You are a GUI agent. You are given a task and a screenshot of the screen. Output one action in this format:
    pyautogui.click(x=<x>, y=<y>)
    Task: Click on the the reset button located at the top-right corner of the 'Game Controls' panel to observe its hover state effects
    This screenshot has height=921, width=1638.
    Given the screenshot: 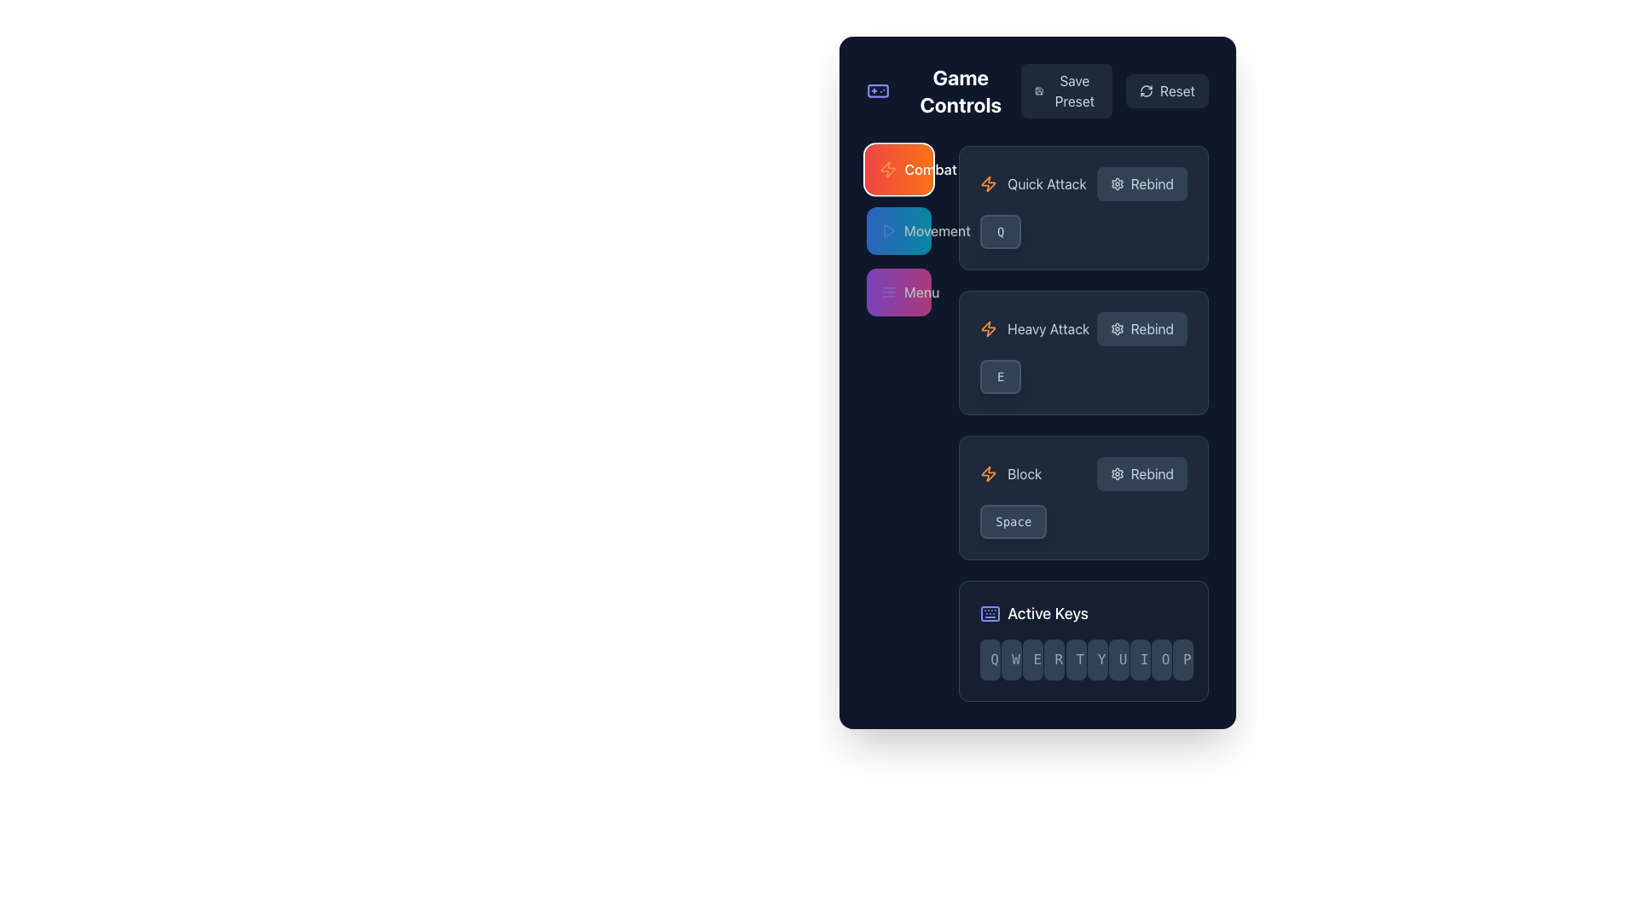 What is the action you would take?
    pyautogui.click(x=1166, y=91)
    